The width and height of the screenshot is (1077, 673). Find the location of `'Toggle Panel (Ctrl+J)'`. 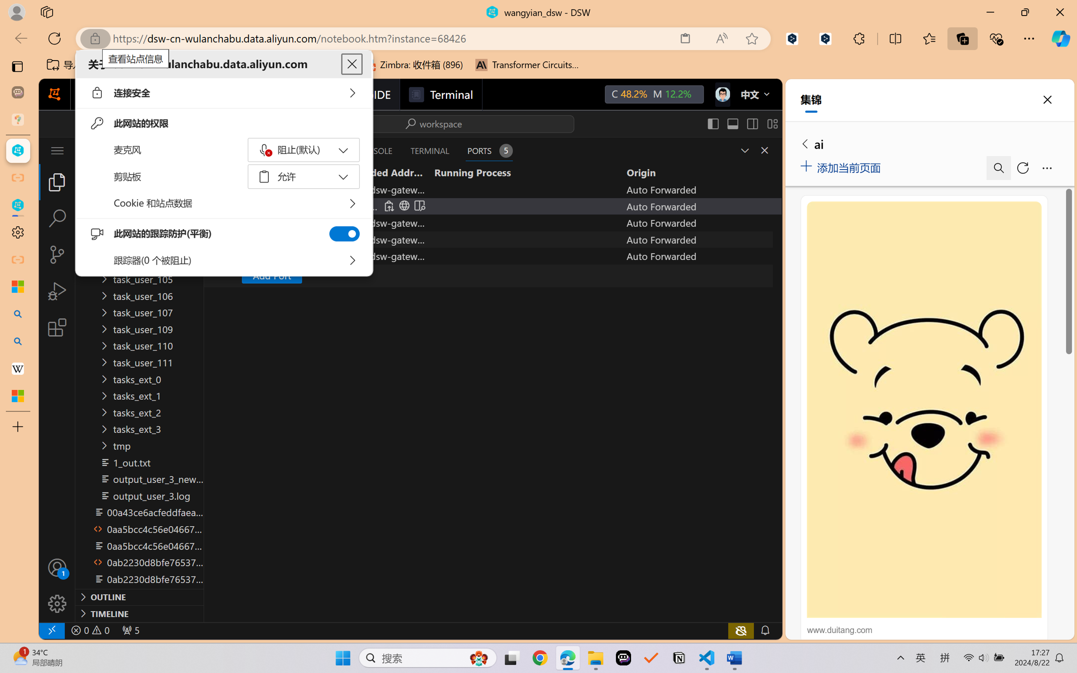

'Toggle Panel (Ctrl+J)' is located at coordinates (732, 123).